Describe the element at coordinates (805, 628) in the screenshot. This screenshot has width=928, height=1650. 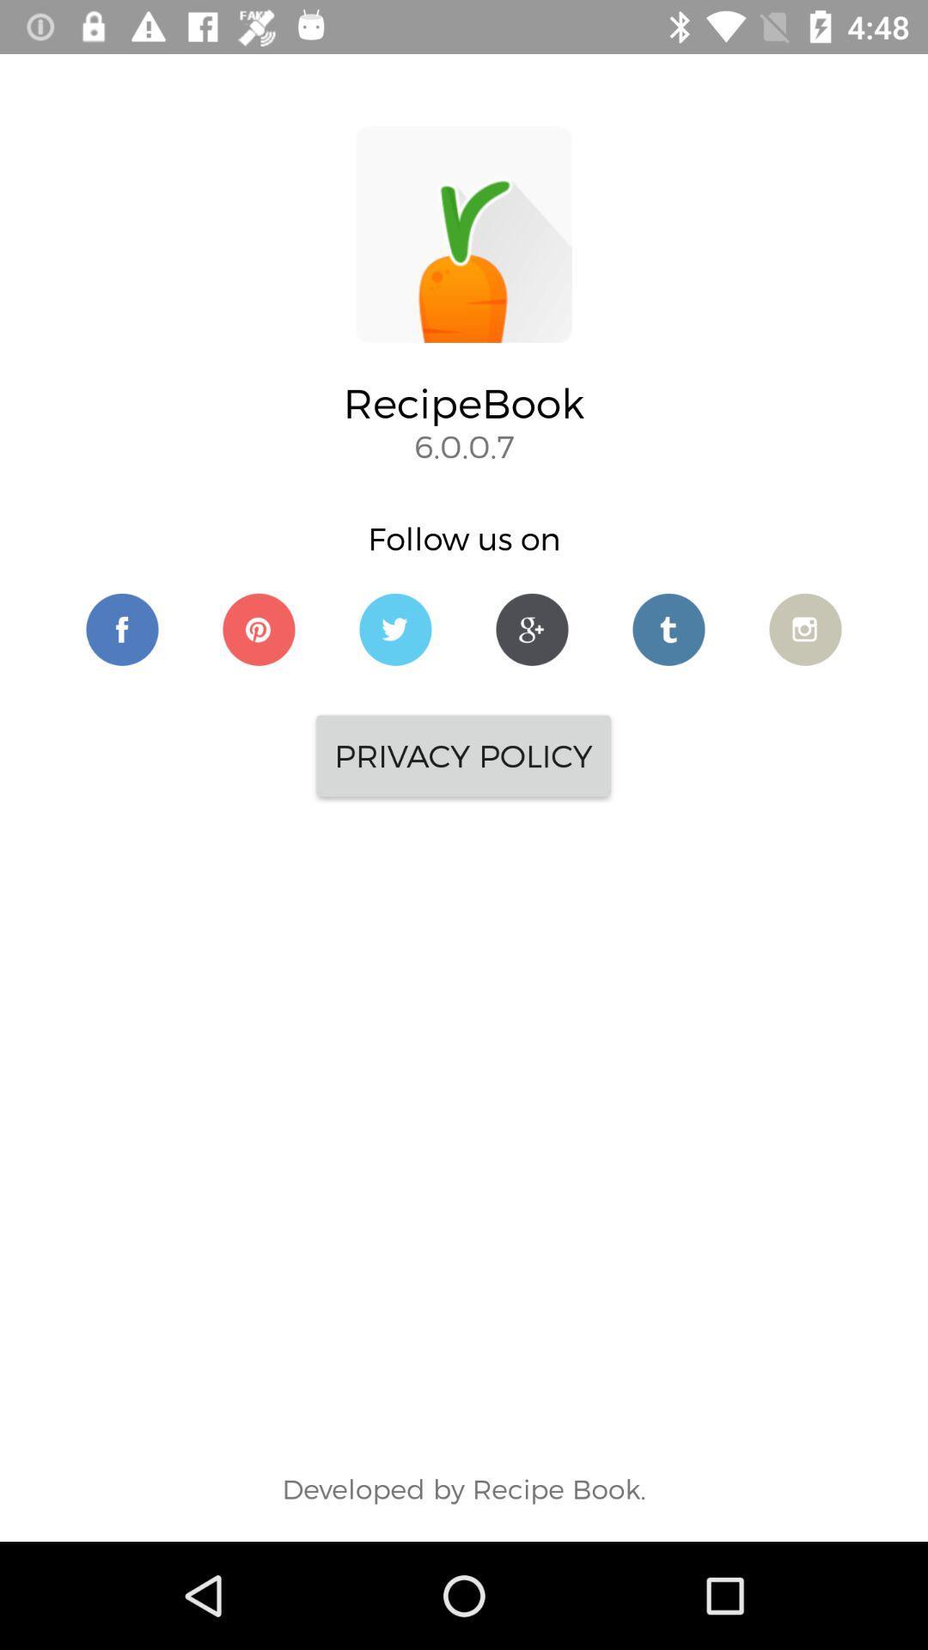
I see `share to instagram` at that location.